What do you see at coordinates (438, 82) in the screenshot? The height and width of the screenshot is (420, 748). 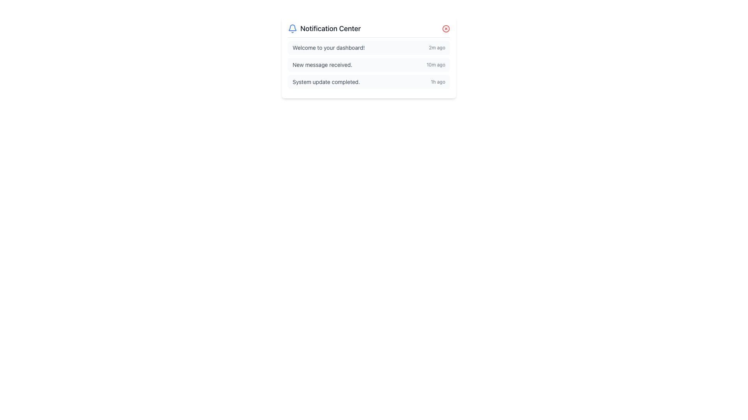 I see `the small light gray text label displaying '1h ago', which is positioned in the lower-right section of the notification message indicating 'System update completed.'` at bounding box center [438, 82].